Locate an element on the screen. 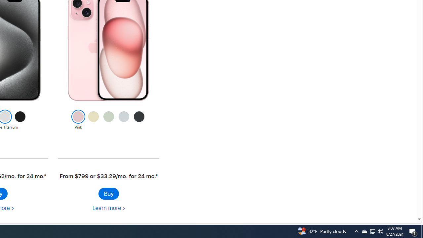 The image size is (423, 238). 'Class: colornav-link current' is located at coordinates (78, 116).